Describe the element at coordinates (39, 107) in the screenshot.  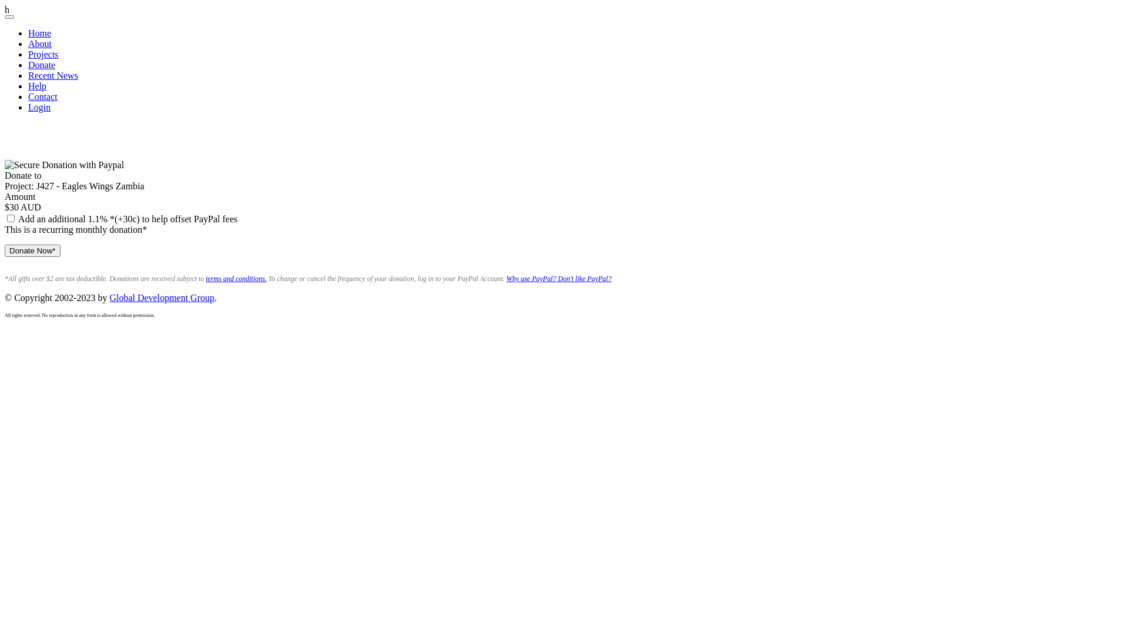
I see `'Login'` at that location.